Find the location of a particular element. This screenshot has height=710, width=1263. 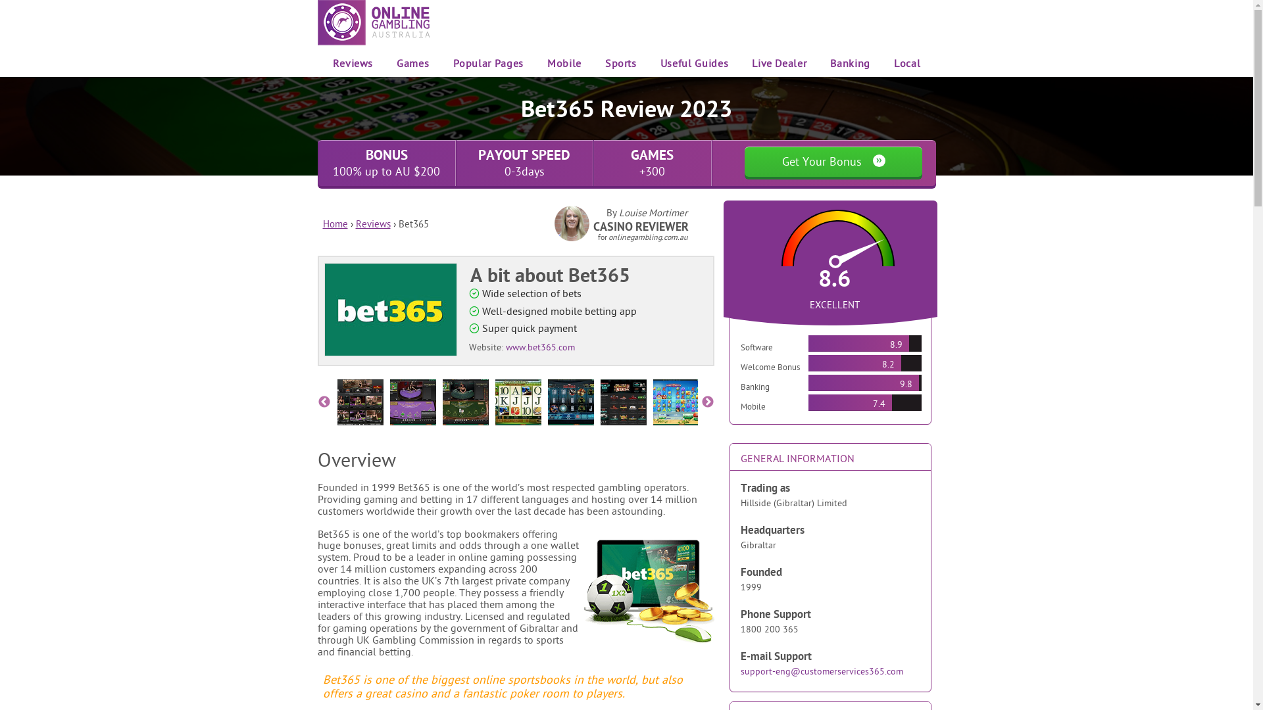

'Useful Guides' is located at coordinates (660, 63).